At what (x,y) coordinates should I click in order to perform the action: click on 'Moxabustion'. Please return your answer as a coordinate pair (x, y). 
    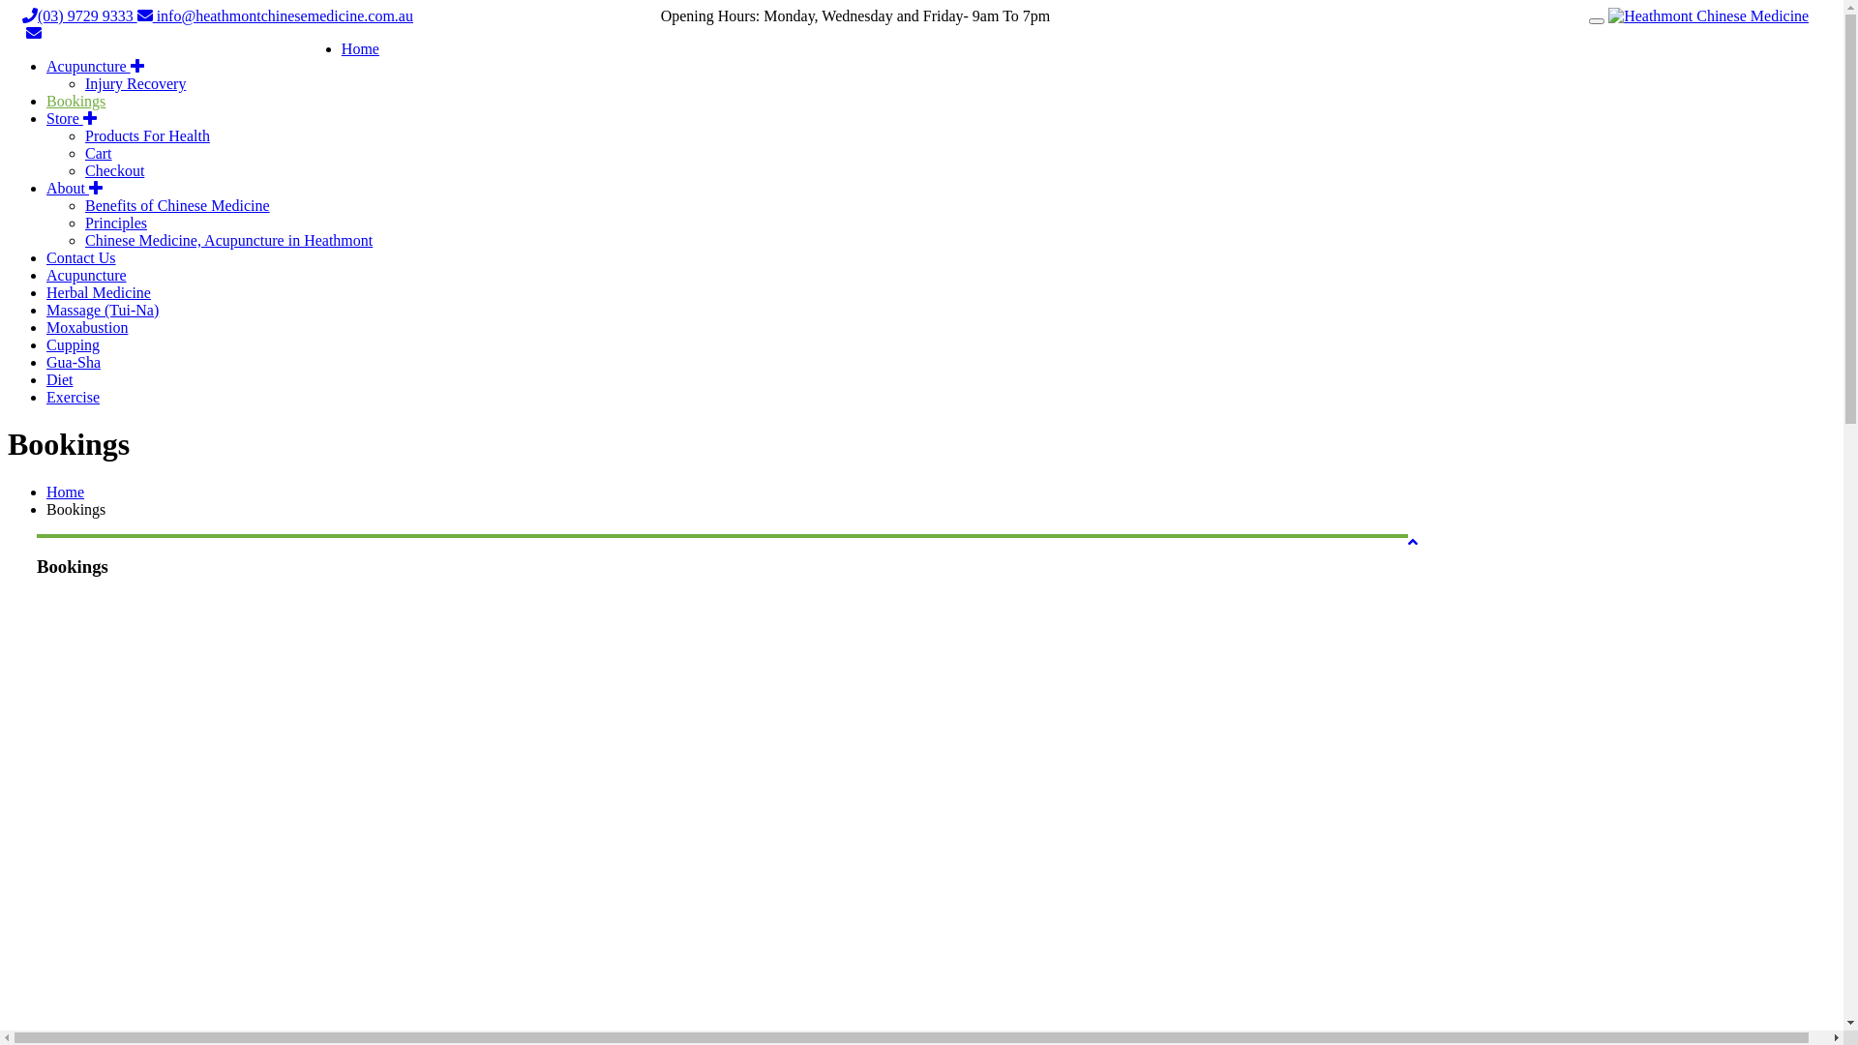
    Looking at the image, I should click on (86, 326).